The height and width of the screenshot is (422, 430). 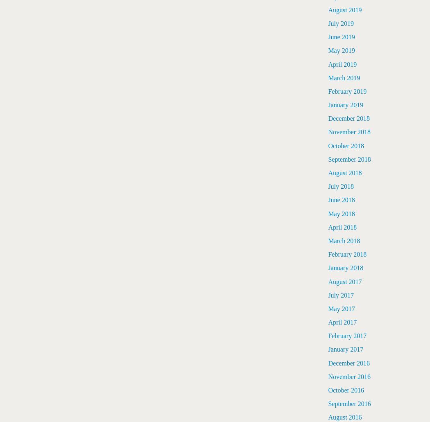 I want to click on 'December 2016', so click(x=349, y=363).